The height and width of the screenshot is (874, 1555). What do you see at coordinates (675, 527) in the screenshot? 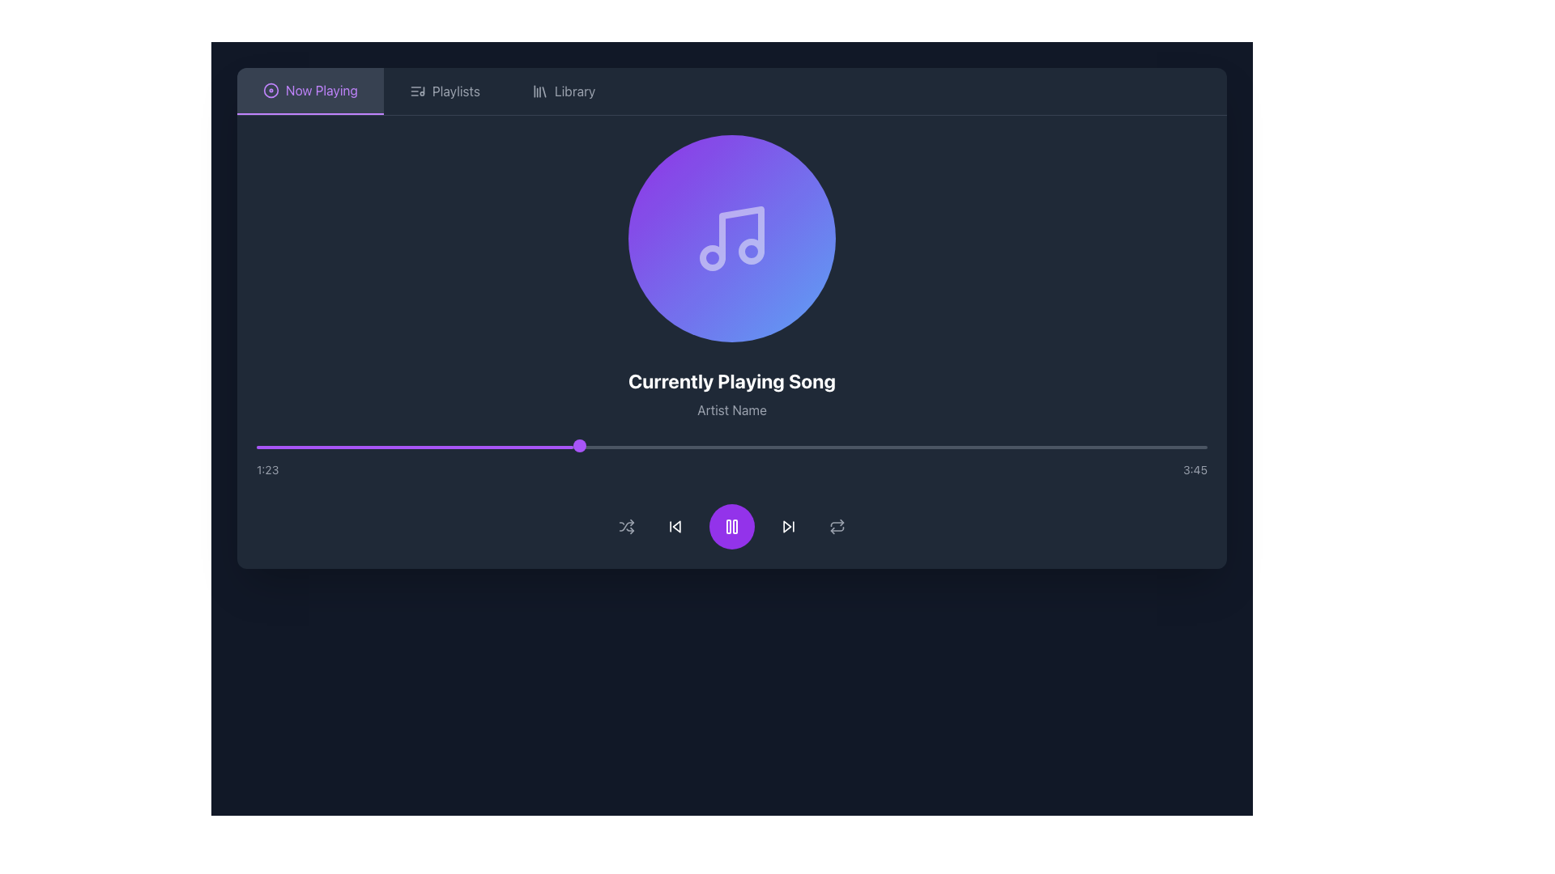
I see `the 'previous' button with an icon of two triangles pointing leftwards, located between the shuffle and play/pause buttons` at bounding box center [675, 527].